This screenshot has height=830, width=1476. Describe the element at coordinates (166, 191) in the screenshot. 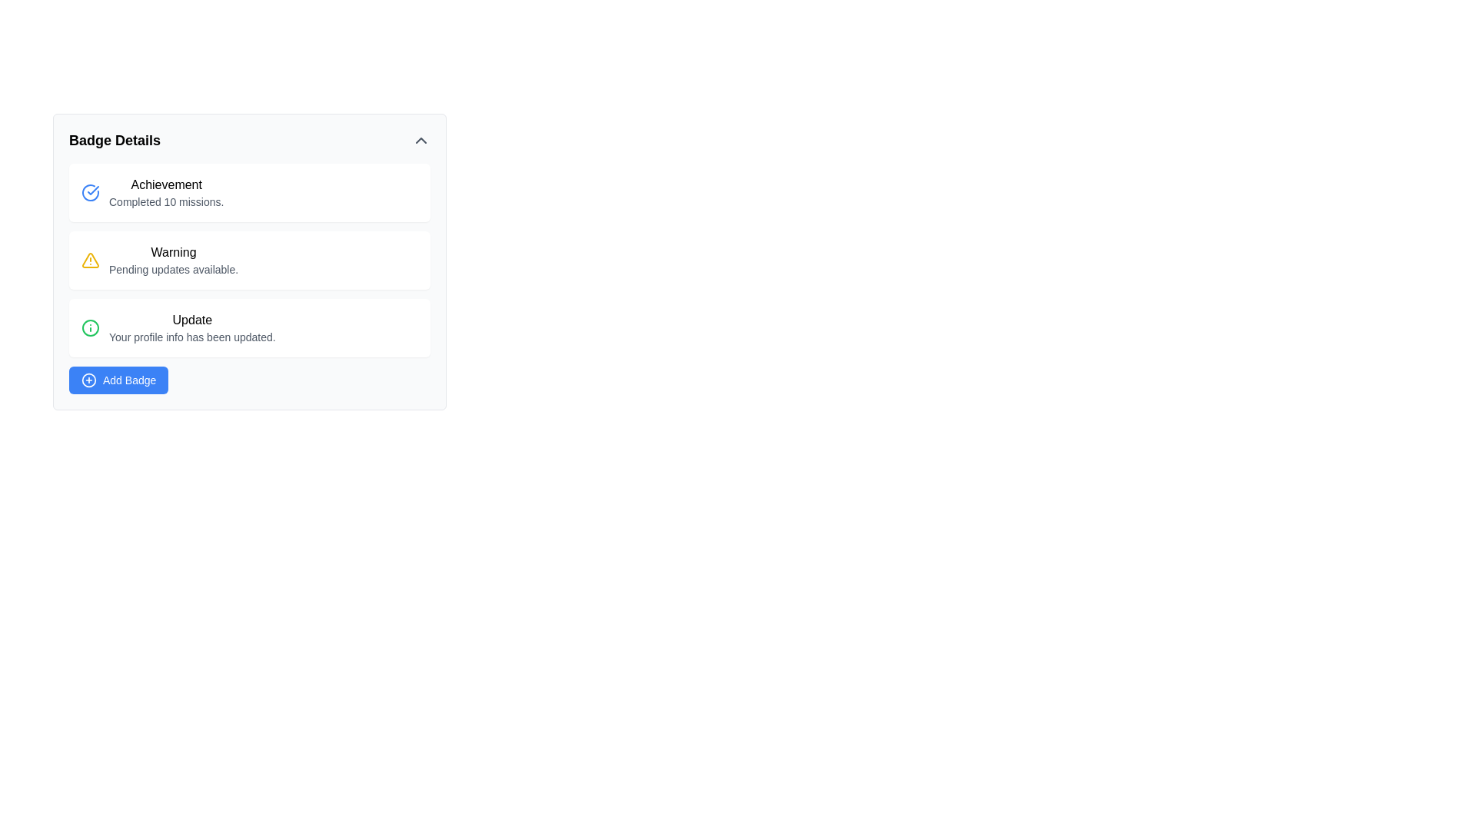

I see `information displayed in the notification card summarizing an achievement, which is the first item in the 'Badge Details' list` at that location.